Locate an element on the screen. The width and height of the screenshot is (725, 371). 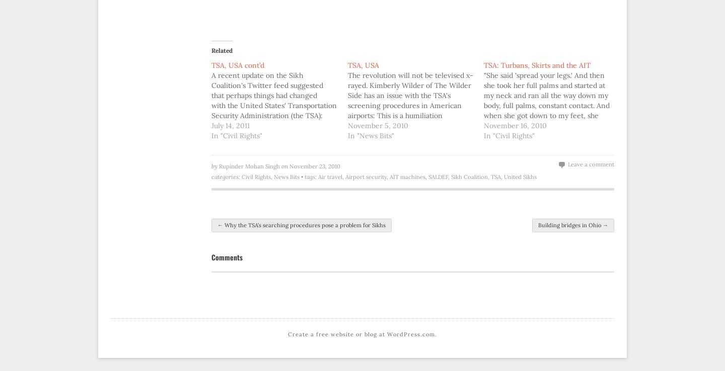
'News Bits' is located at coordinates (274, 177).